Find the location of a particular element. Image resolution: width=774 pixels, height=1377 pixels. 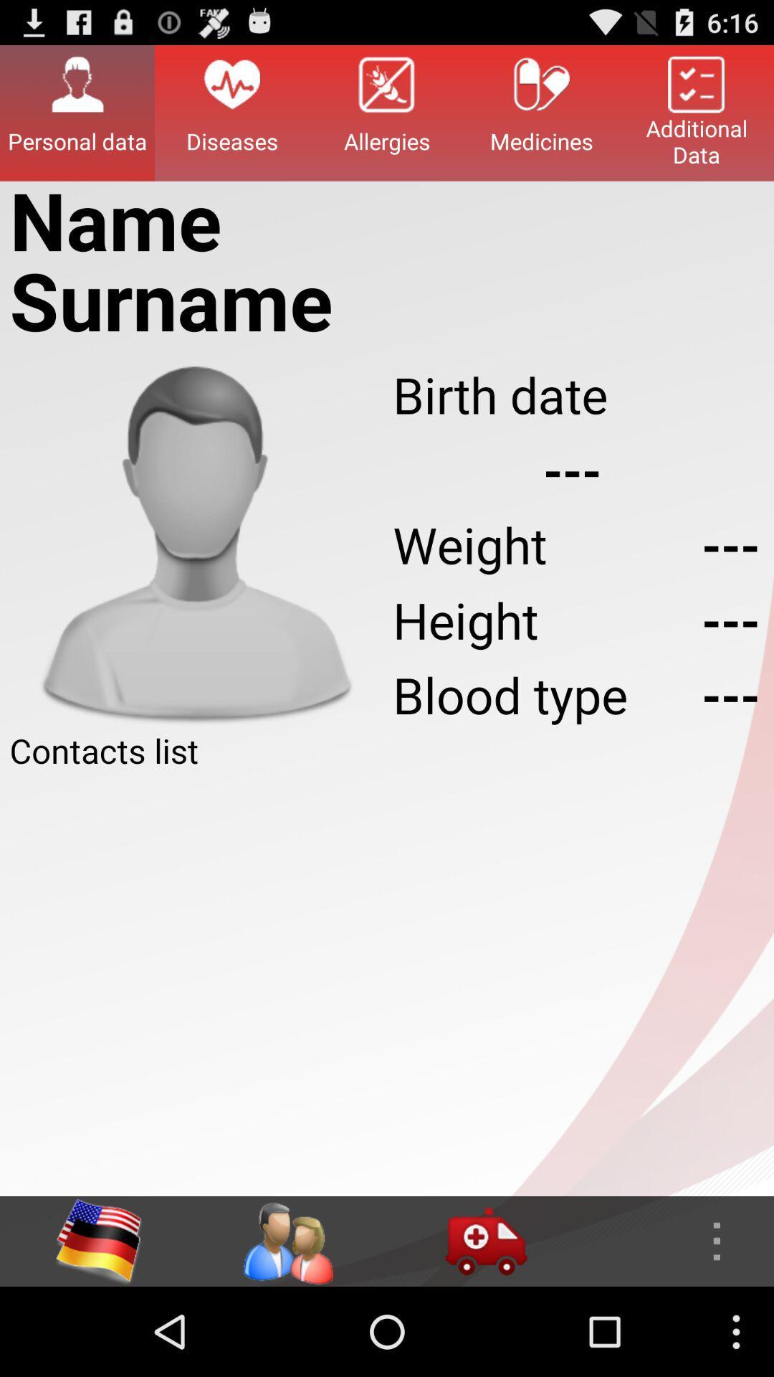

the additional data icon is located at coordinates (696, 112).